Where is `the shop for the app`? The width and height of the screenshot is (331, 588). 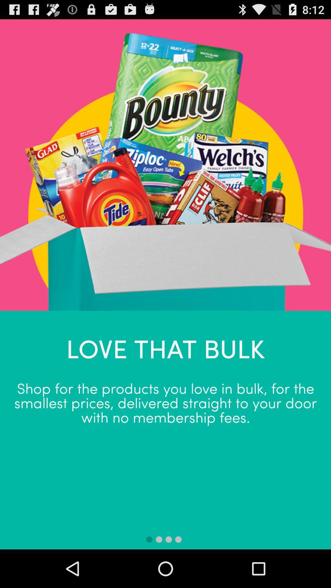 the shop for the app is located at coordinates (165, 402).